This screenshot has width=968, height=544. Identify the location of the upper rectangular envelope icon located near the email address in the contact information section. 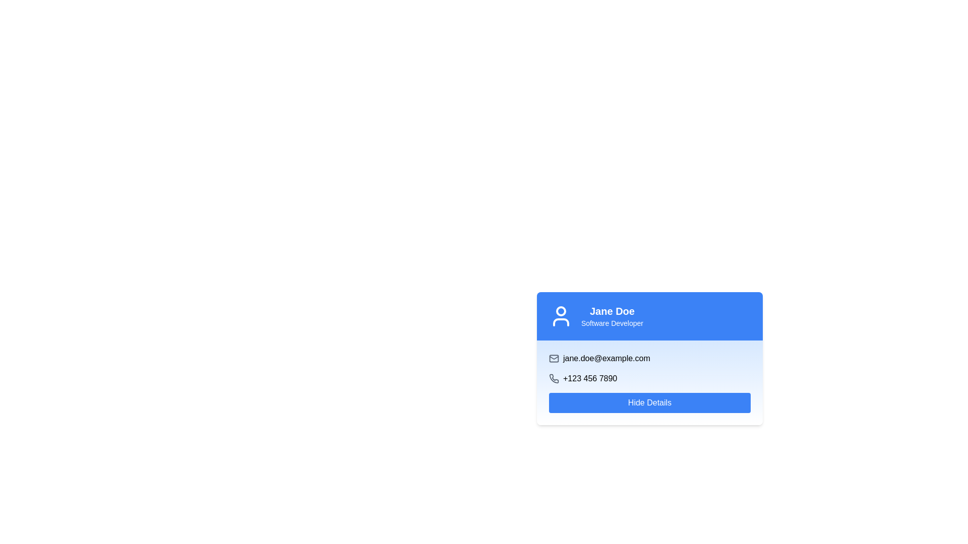
(554, 358).